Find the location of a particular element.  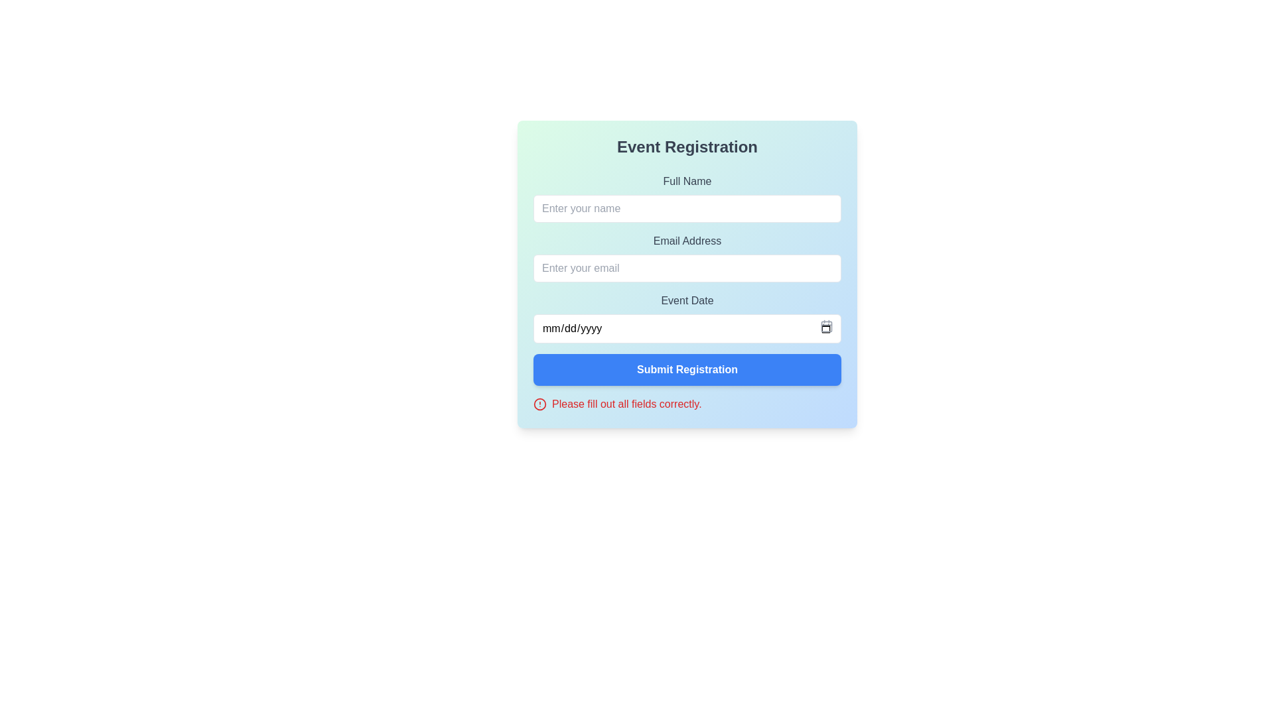

the bold, gray-colored text displaying 'Event Registration' located at the top of the event registration form is located at coordinates (687, 147).